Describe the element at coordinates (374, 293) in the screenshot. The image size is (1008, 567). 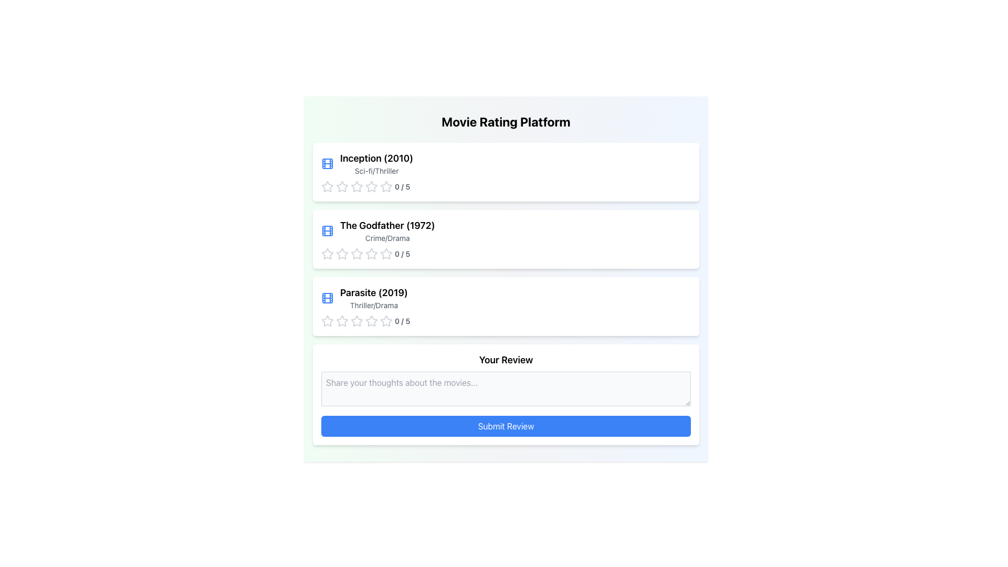
I see `text label displaying 'Parasite (2019)' which is the first text line on the third card in a vertically stacked list` at that location.